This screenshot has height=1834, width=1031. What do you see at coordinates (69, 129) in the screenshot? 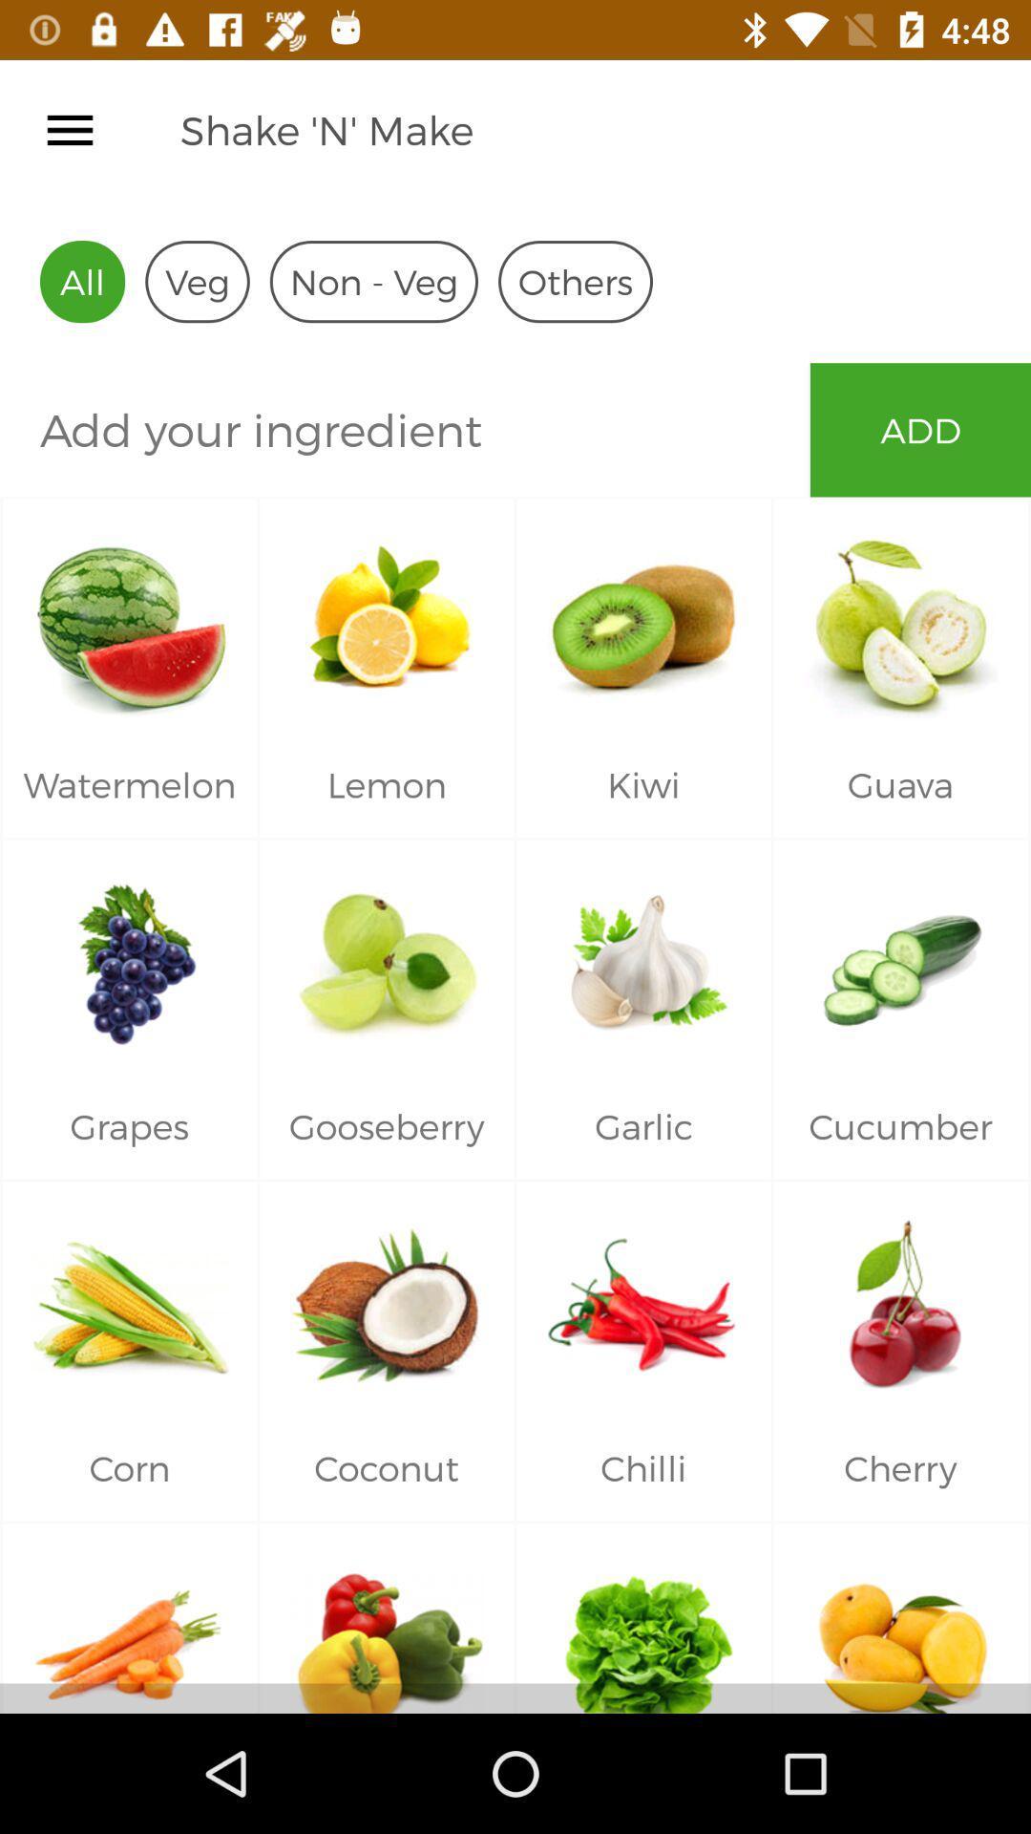
I see `open options tab` at bounding box center [69, 129].